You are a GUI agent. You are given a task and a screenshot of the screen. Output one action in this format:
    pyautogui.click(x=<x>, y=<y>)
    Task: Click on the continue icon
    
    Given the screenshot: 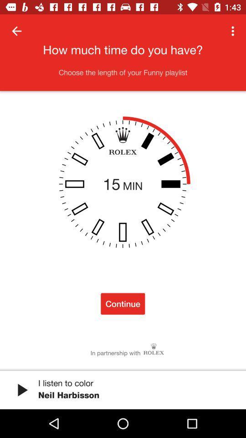 What is the action you would take?
    pyautogui.click(x=123, y=303)
    